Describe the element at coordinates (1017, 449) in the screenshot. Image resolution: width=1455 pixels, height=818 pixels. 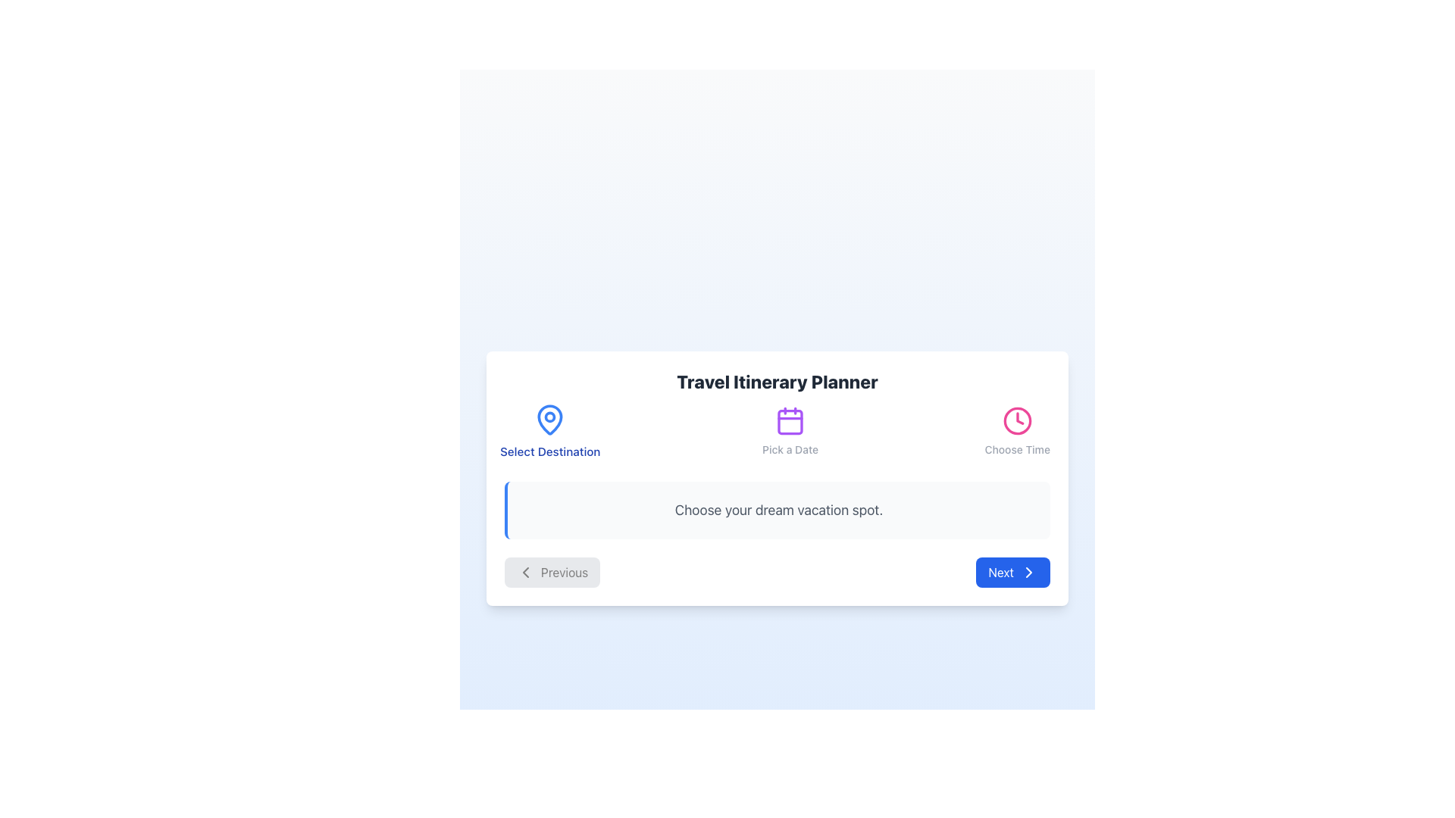
I see `the 'Choose Time' text label, which is styled in gray and positioned below the clock icon in the central panel of the interface` at that location.